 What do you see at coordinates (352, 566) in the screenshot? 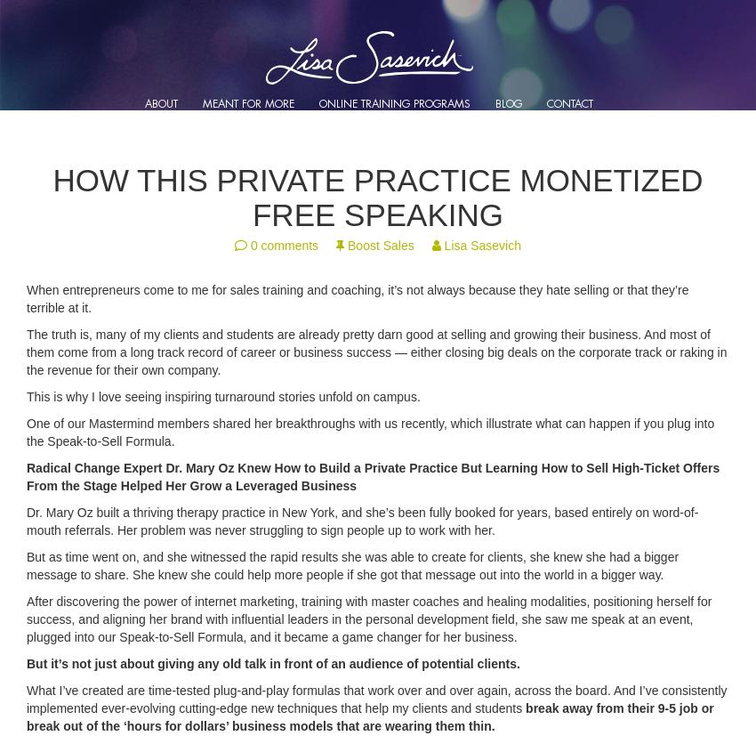
I see `'But as time went on, and she witnessed the rapid results she was able to create for clients, she knew she had a bigger message to share. She knew she could help more people if she got that message out into the world in a bigger way.'` at bounding box center [352, 566].